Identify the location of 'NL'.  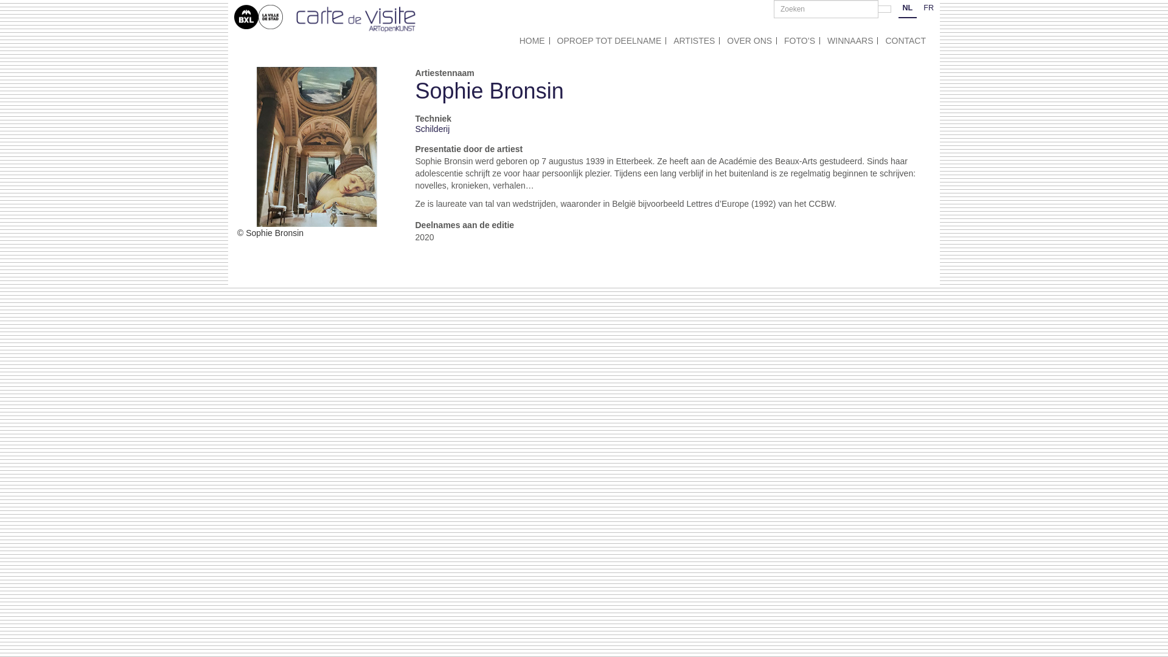
(908, 9).